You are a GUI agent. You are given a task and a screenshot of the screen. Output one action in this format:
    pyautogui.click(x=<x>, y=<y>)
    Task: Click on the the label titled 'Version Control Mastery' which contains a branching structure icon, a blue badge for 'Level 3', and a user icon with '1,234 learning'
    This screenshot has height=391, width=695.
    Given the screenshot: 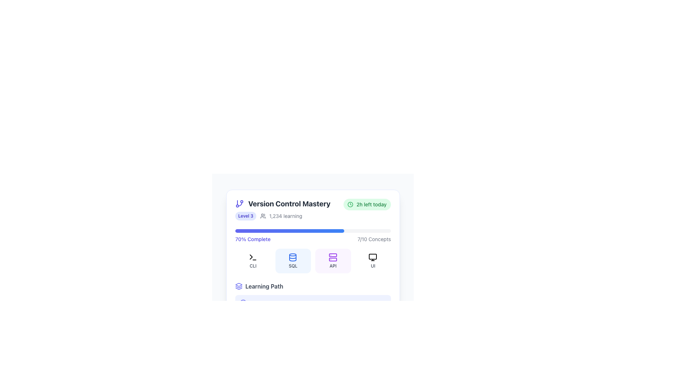 What is the action you would take?
    pyautogui.click(x=282, y=209)
    